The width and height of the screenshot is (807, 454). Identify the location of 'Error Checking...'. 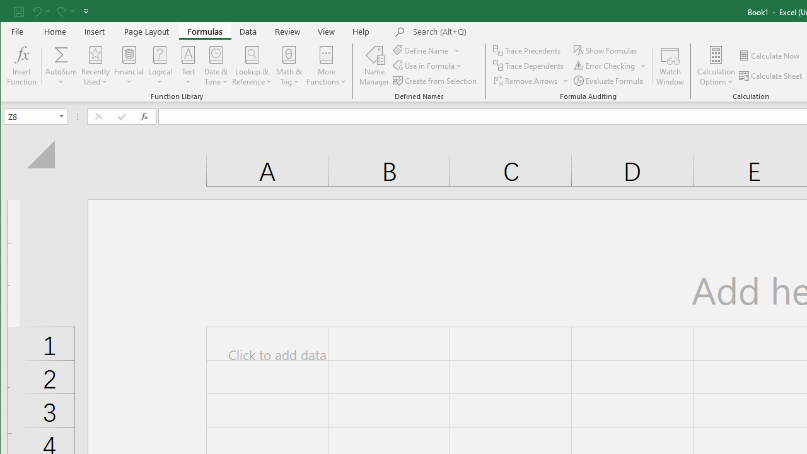
(605, 66).